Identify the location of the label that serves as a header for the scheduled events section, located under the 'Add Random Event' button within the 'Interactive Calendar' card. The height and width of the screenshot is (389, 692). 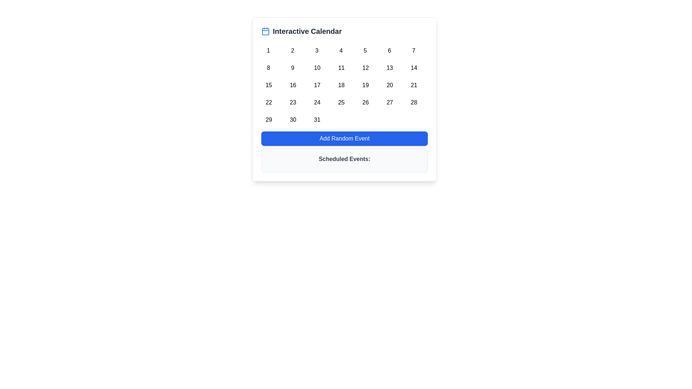
(344, 160).